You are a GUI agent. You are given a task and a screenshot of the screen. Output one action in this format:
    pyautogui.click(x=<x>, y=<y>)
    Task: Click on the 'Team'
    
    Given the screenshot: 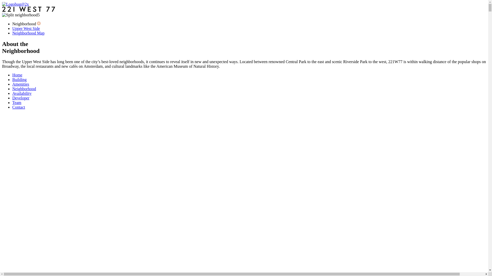 What is the action you would take?
    pyautogui.click(x=17, y=102)
    